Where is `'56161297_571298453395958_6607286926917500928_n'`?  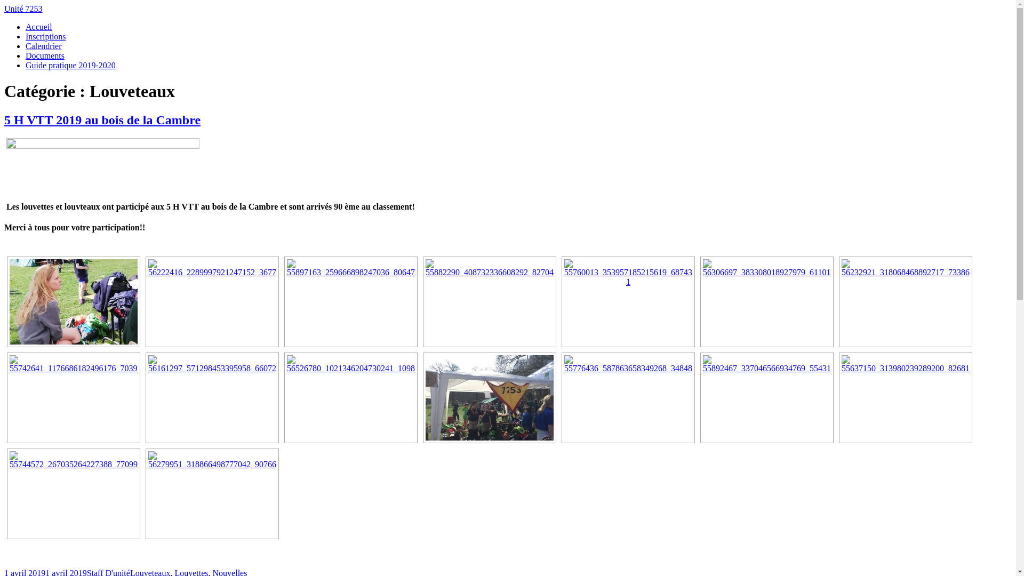 '56161297_571298453395958_6607286926917500928_n' is located at coordinates (212, 397).